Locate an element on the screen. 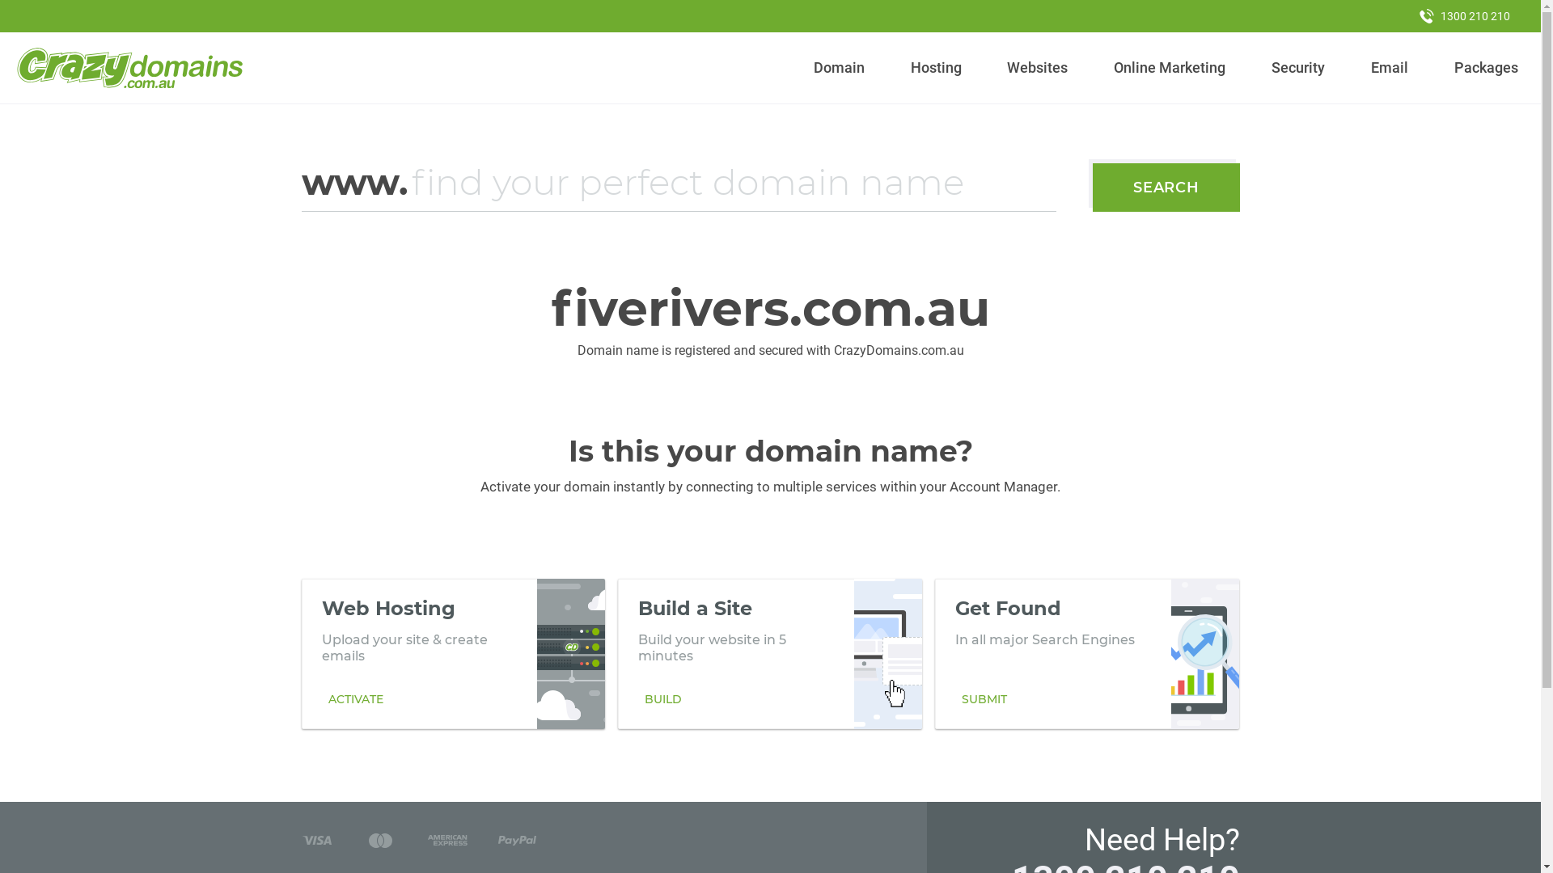  'Email' is located at coordinates (1388, 67).